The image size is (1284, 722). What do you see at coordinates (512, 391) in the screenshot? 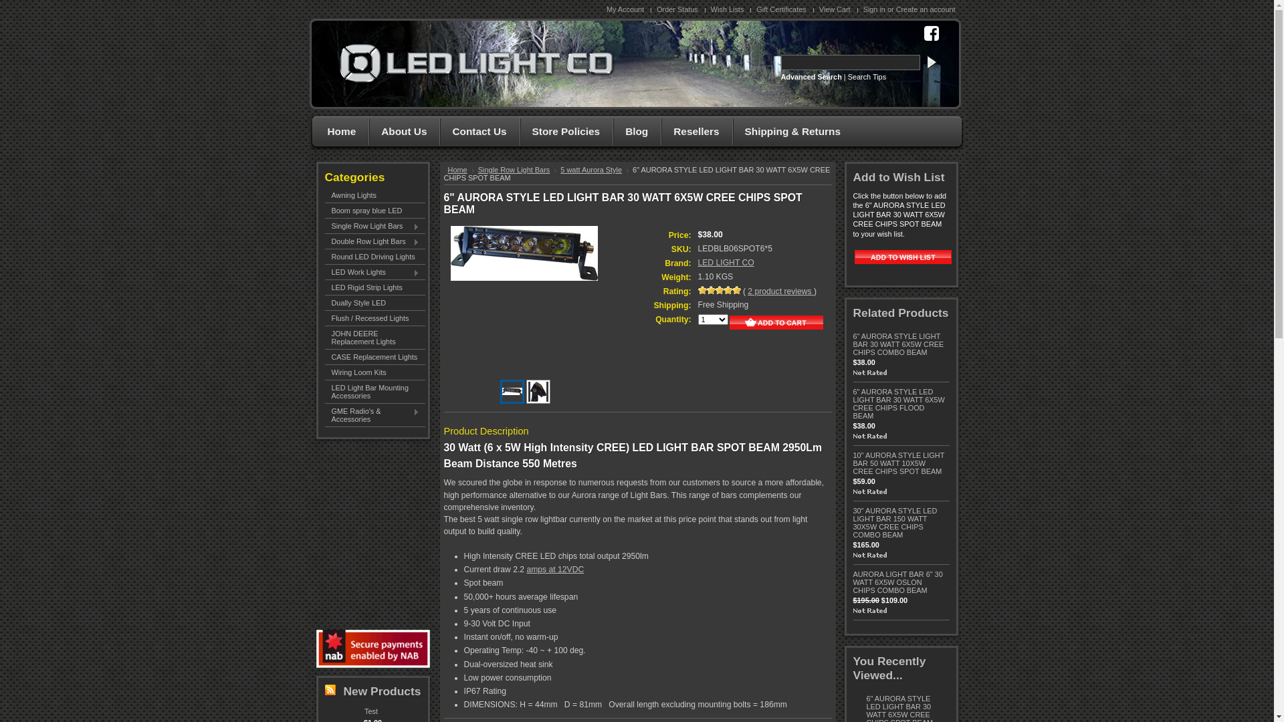
I see `'0'` at bounding box center [512, 391].